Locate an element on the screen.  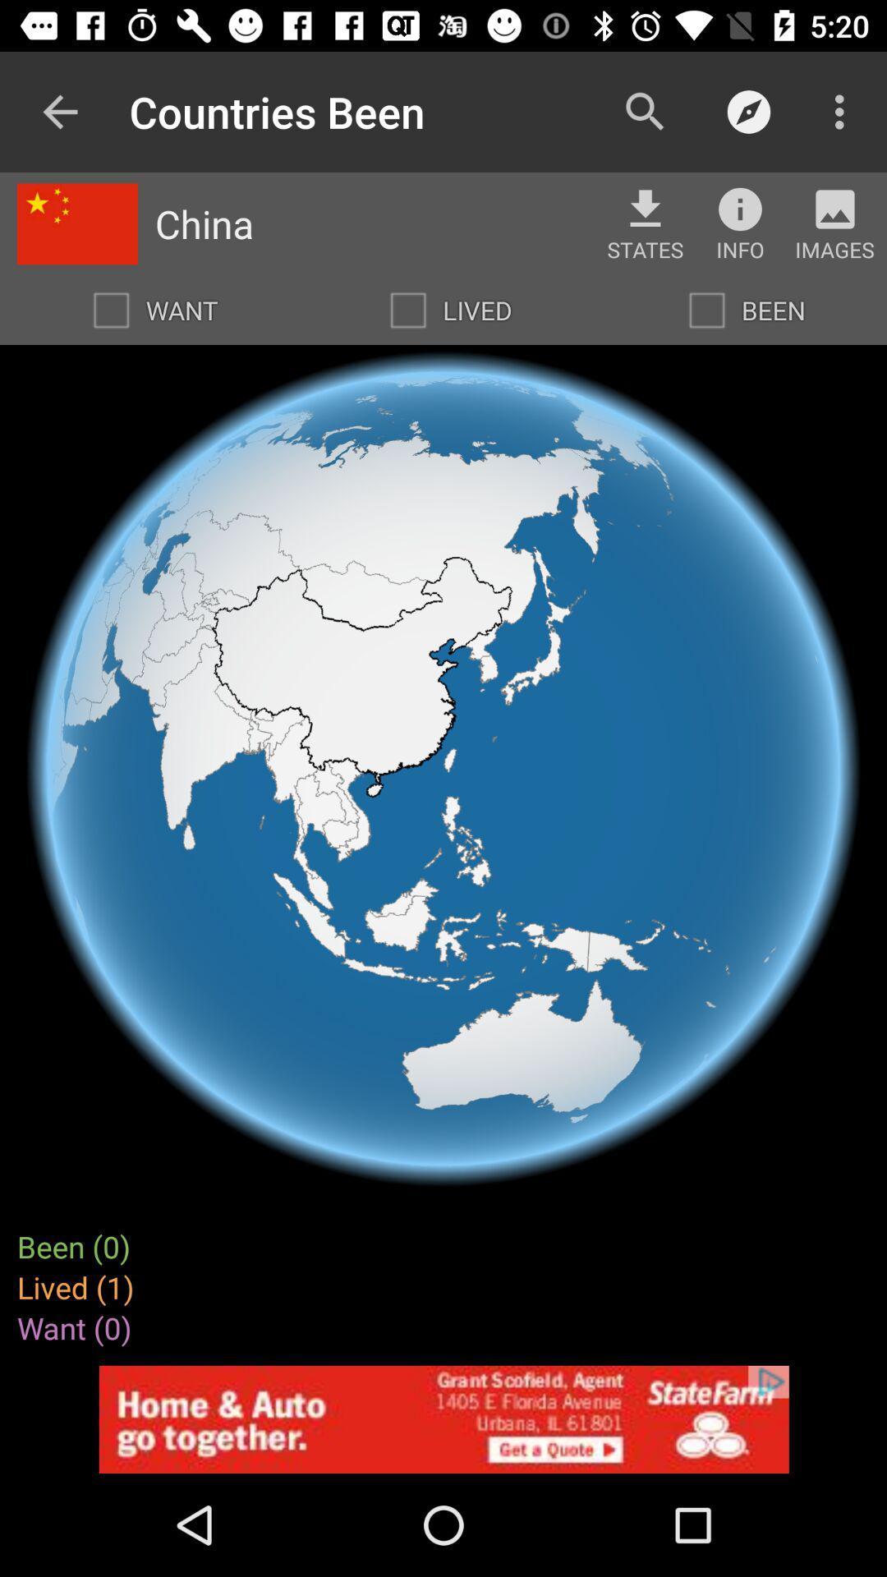
download is located at coordinates (645, 208).